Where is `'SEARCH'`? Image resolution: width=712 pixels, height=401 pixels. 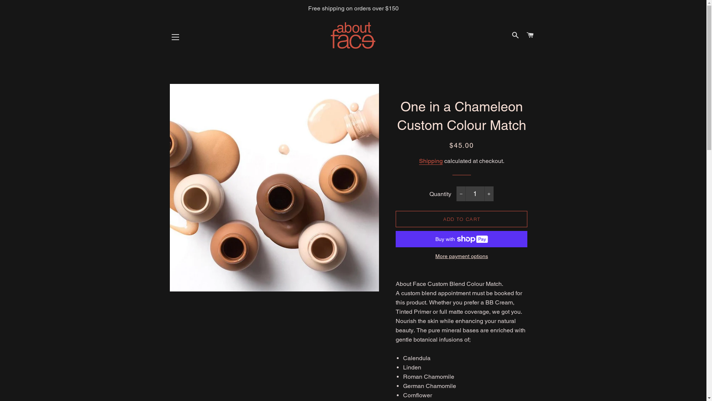 'SEARCH' is located at coordinates (515, 35).